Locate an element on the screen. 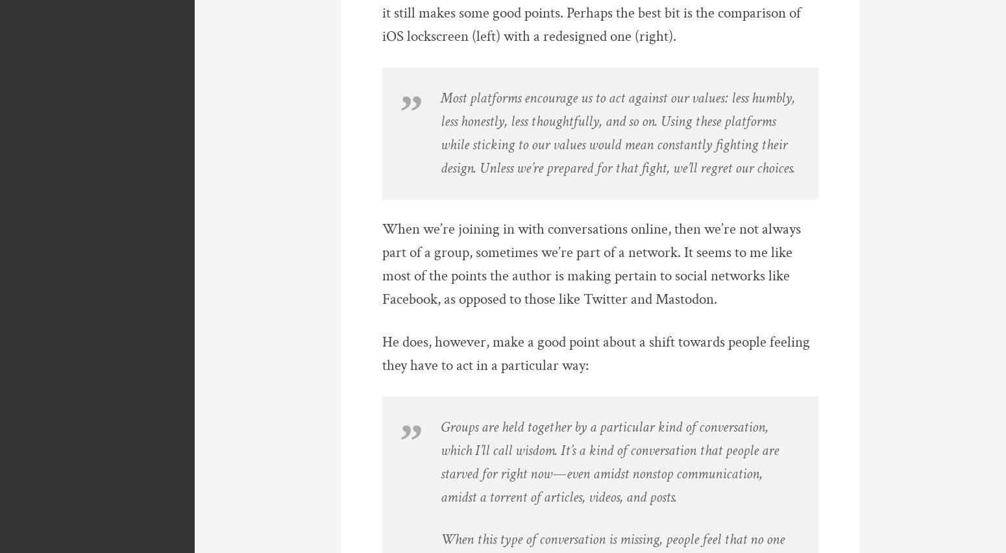 This screenshot has height=553, width=1006. '. It’s a kind of conversation that people are starved for right now—even amidst nonstop communication, amidst a torrent of articles, videos, and posts.' is located at coordinates (609, 473).